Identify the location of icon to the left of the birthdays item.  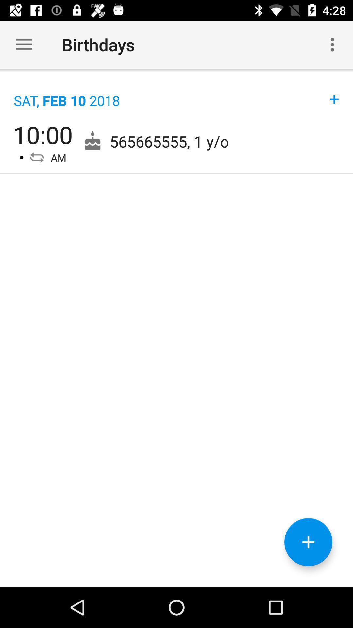
(24, 44).